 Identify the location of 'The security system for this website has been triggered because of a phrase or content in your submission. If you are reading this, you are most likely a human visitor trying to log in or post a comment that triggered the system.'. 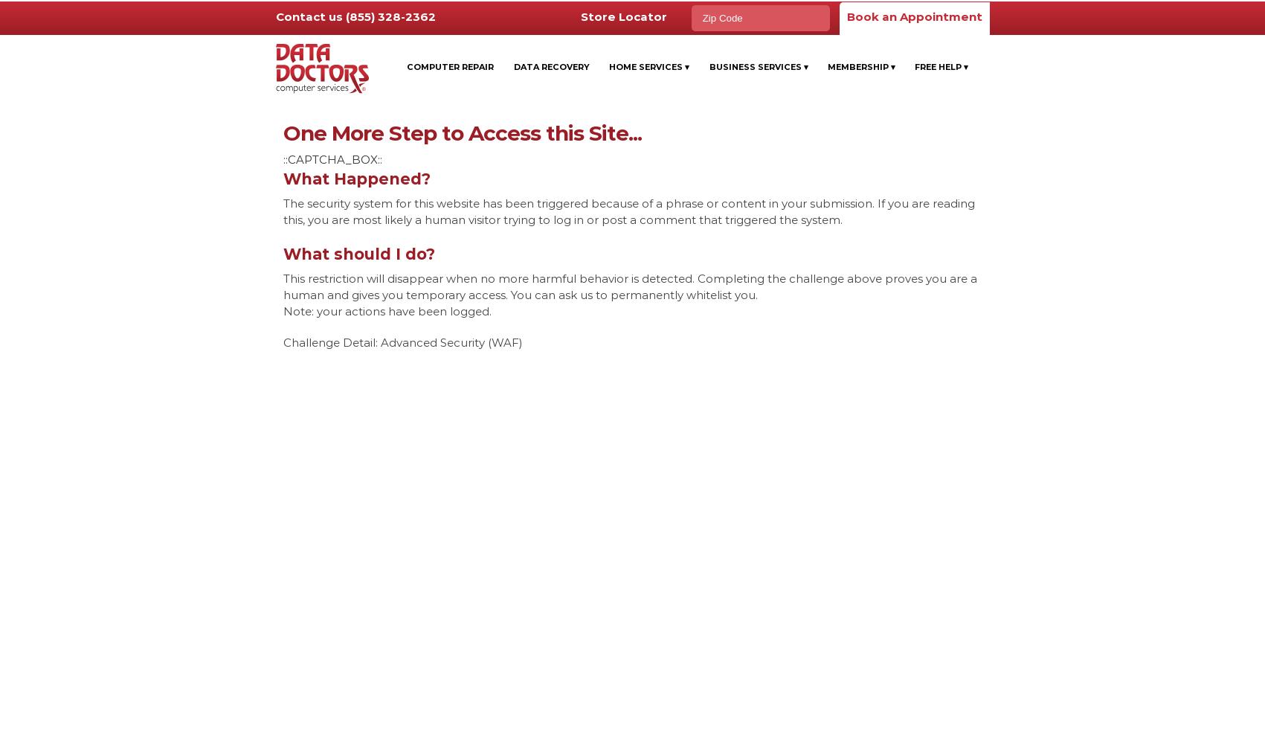
(628, 211).